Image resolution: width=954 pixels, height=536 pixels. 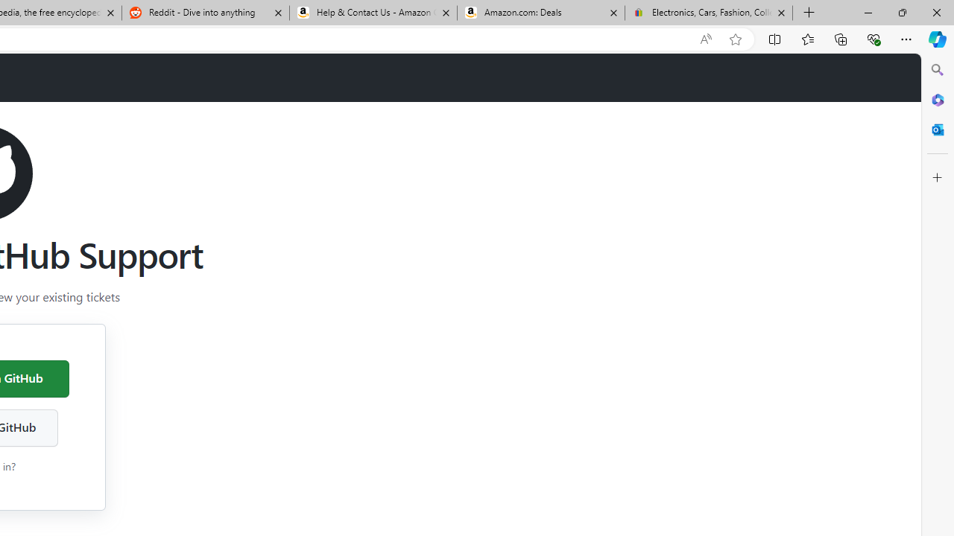 What do you see at coordinates (204, 13) in the screenshot?
I see `'Reddit - Dive into anything'` at bounding box center [204, 13].